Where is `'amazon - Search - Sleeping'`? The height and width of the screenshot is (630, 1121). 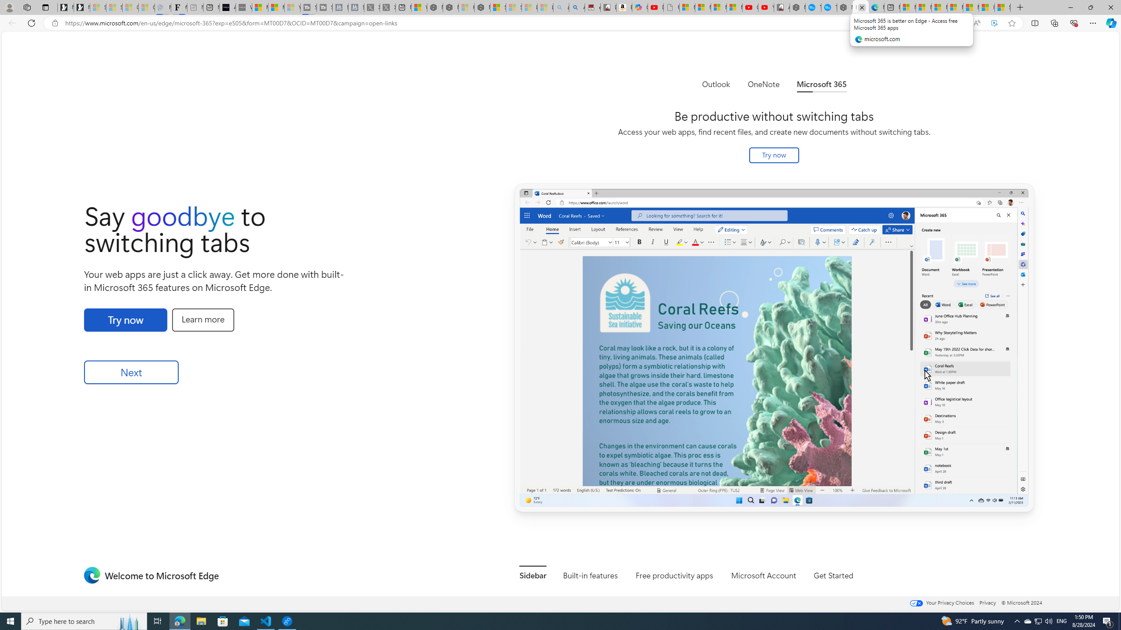
'amazon - Search - Sleeping' is located at coordinates (560, 7).